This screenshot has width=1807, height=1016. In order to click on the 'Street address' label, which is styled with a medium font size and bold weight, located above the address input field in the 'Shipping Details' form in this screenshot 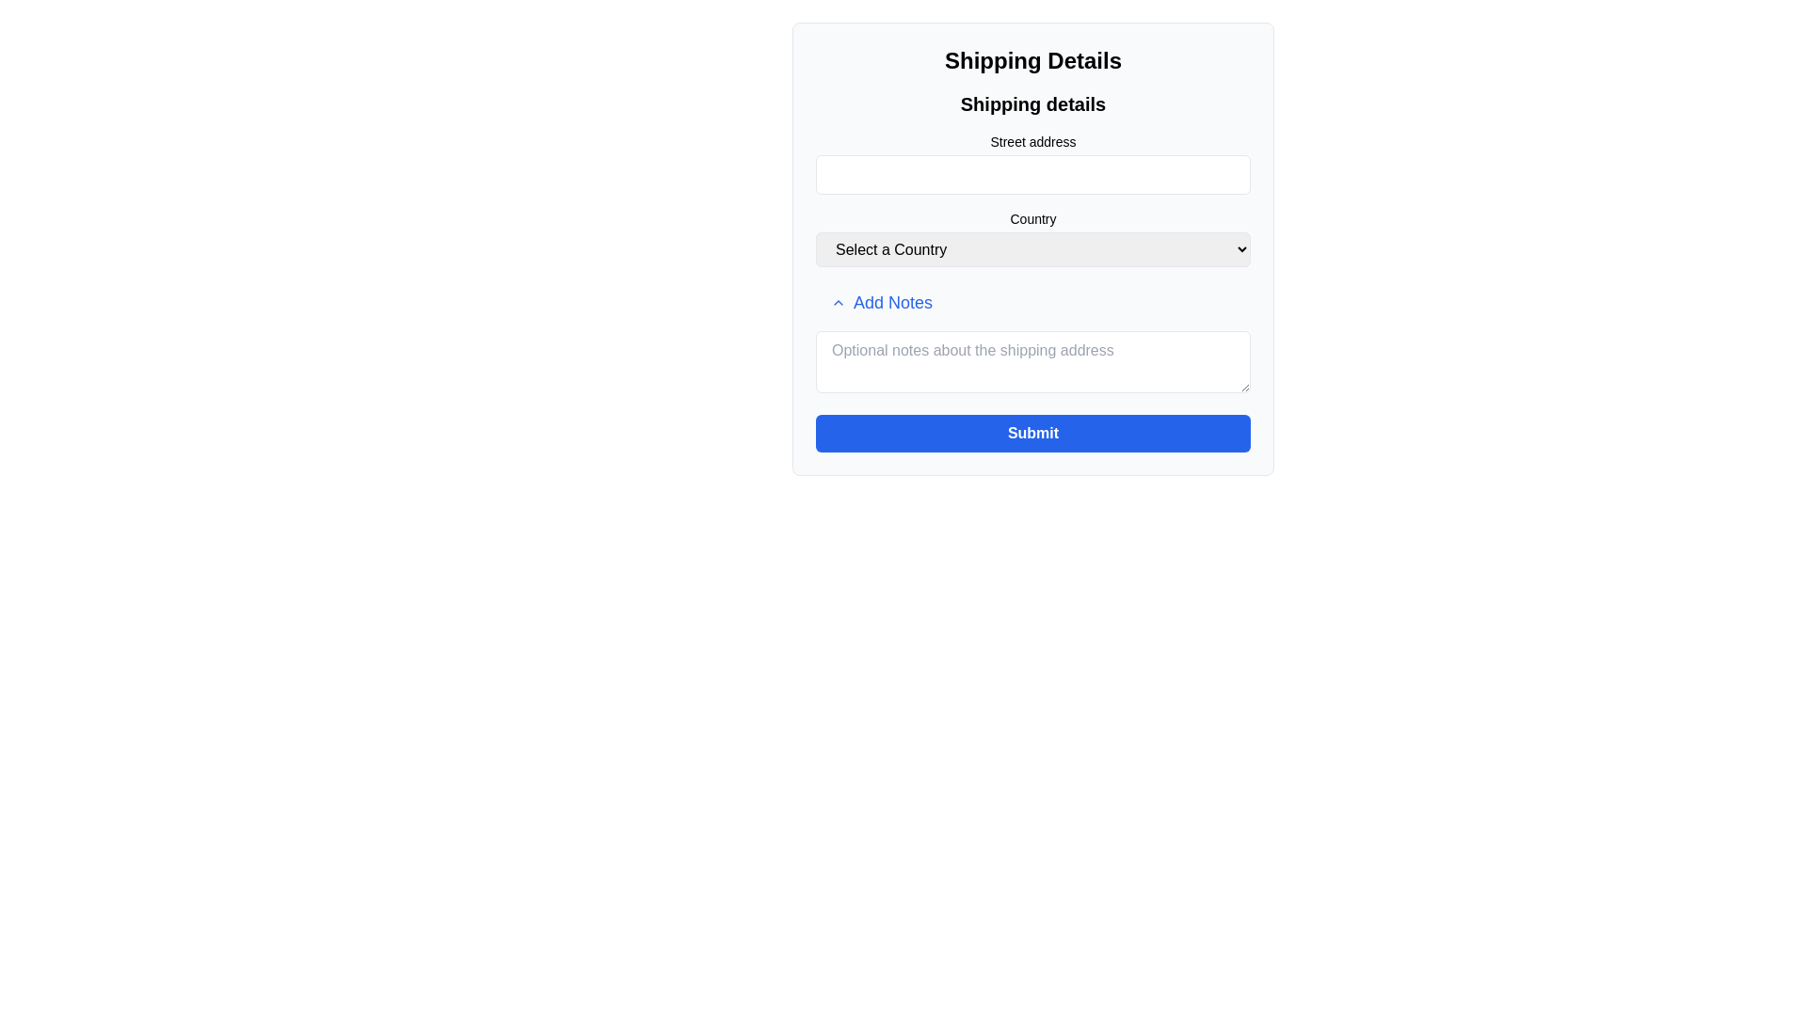, I will do `click(1032, 140)`.